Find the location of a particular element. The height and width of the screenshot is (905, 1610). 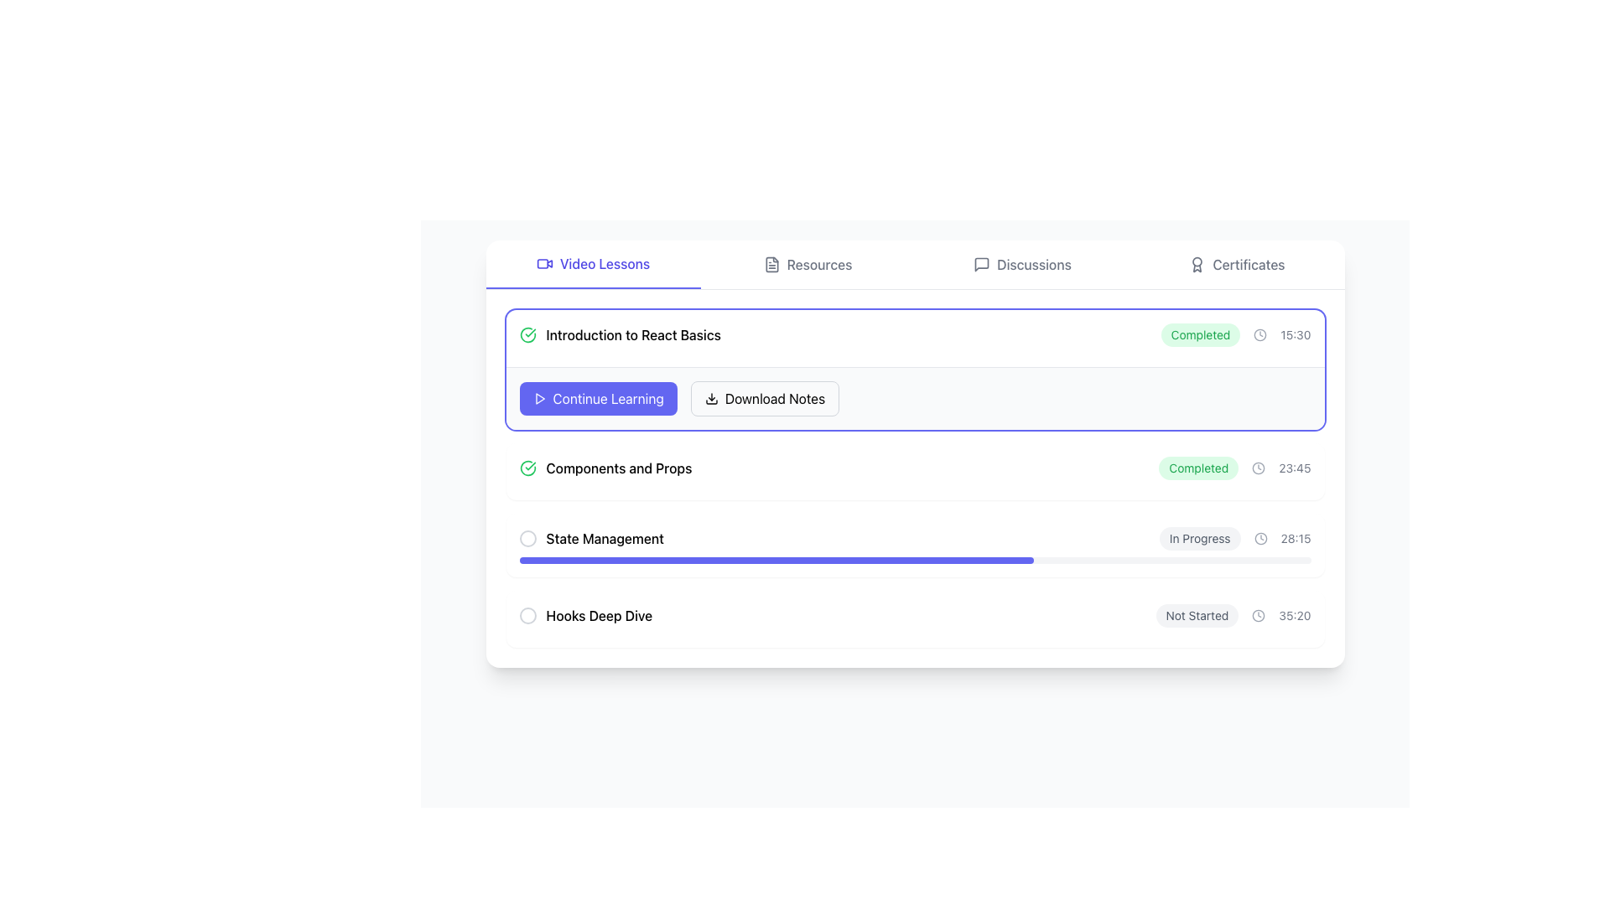

the clock icon located in the 'State Management' row, positioned right of the 'In Progress' status tag and just before the time display '28:15' is located at coordinates (1260, 539).